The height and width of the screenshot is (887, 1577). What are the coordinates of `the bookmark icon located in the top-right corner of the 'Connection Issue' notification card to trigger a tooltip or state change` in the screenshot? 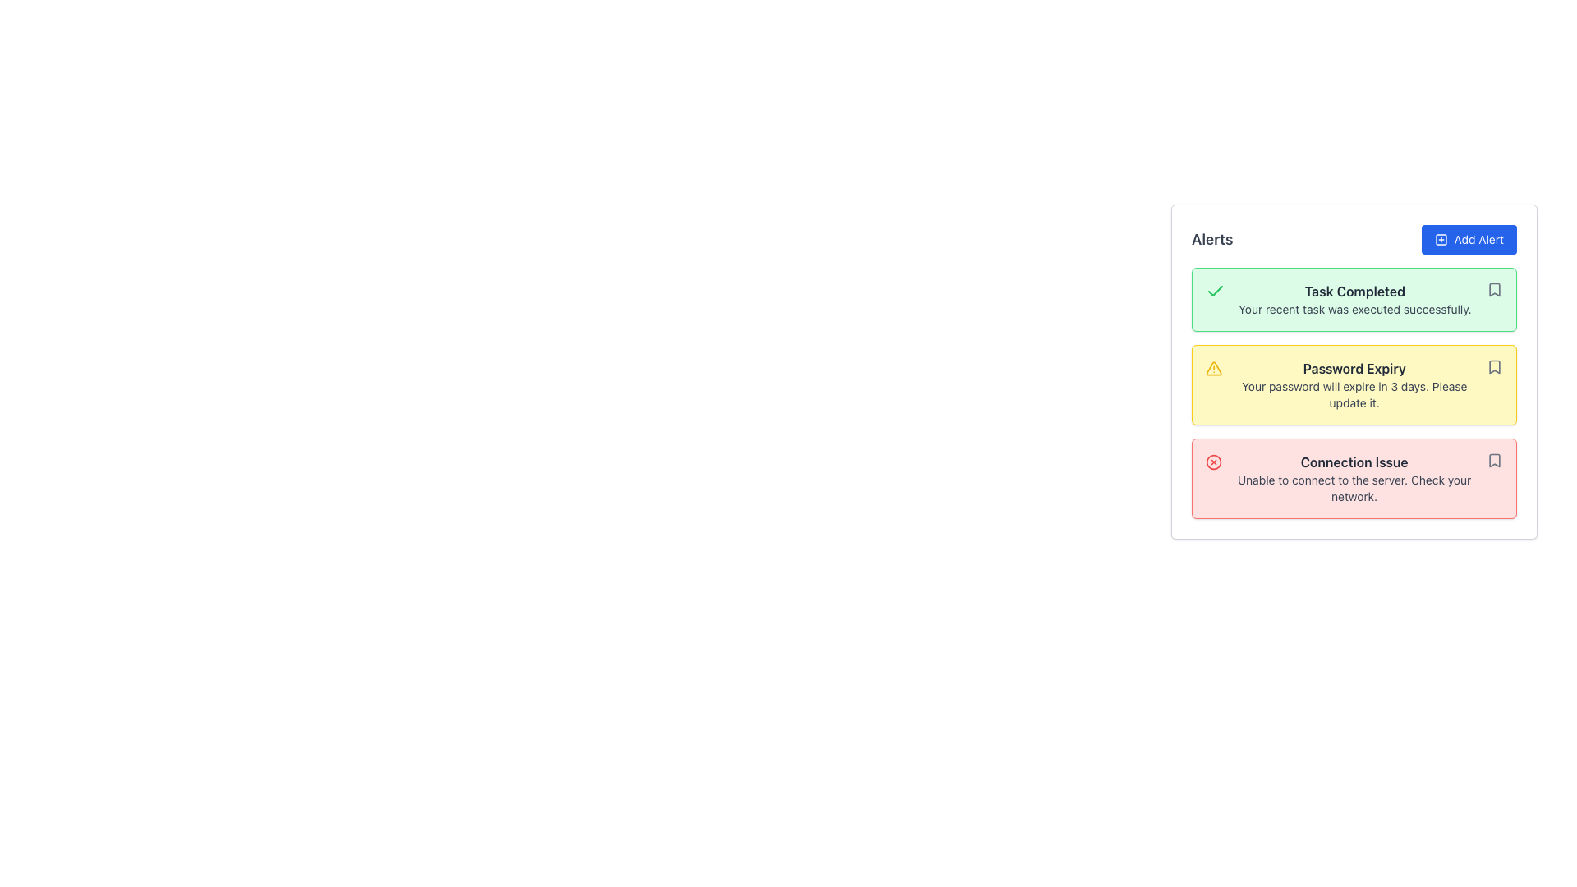 It's located at (1494, 460).